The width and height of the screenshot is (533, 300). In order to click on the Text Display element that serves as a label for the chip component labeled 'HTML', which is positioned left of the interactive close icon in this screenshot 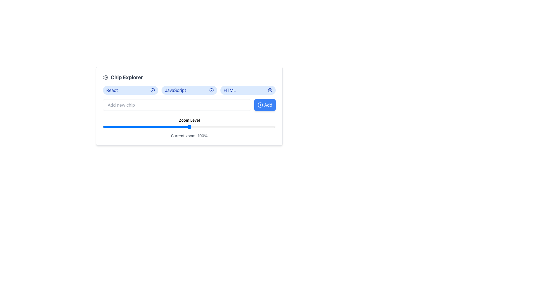, I will do `click(230, 90)`.